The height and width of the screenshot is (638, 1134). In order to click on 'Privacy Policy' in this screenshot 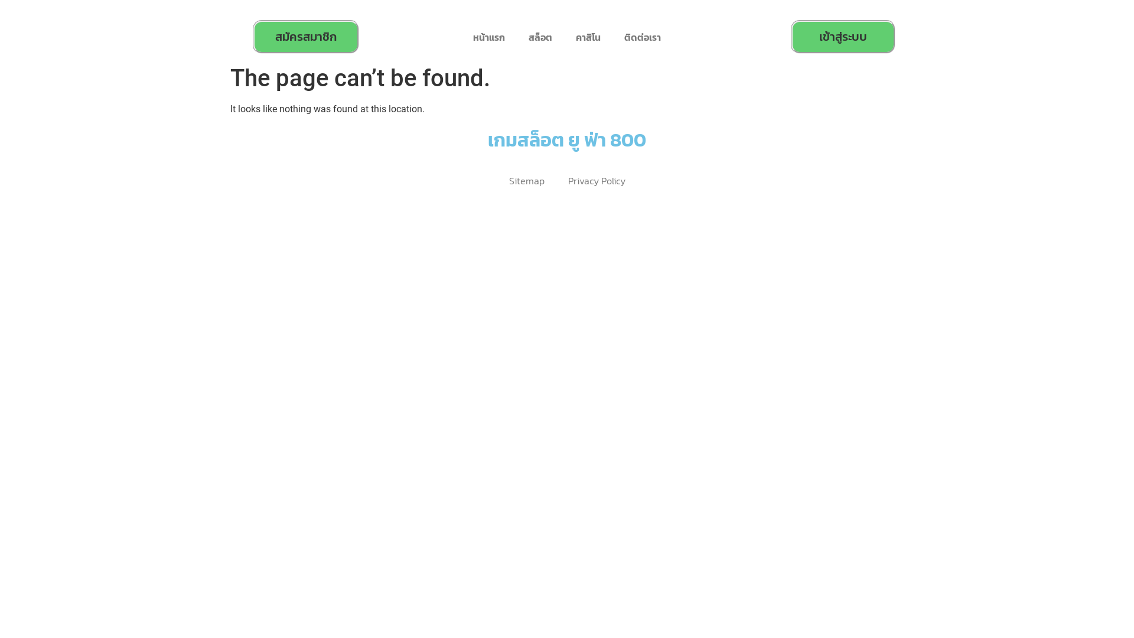, I will do `click(597, 181)`.